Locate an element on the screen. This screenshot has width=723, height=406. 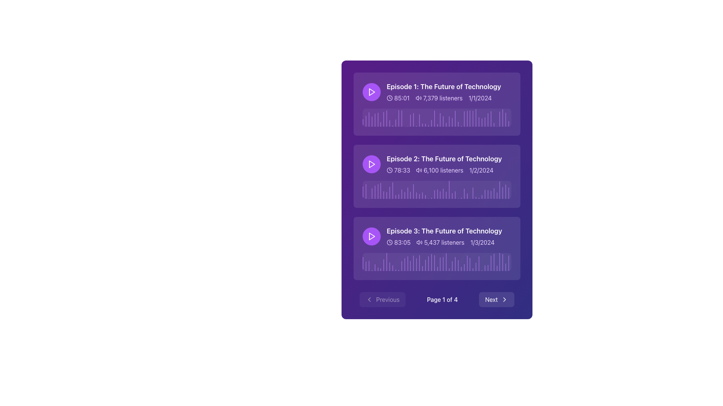
the progress indicator bar, a thin vertical purple bar located at the bottom of the waveform display for 'Episode 3: The Future of Technology' is located at coordinates (401, 265).